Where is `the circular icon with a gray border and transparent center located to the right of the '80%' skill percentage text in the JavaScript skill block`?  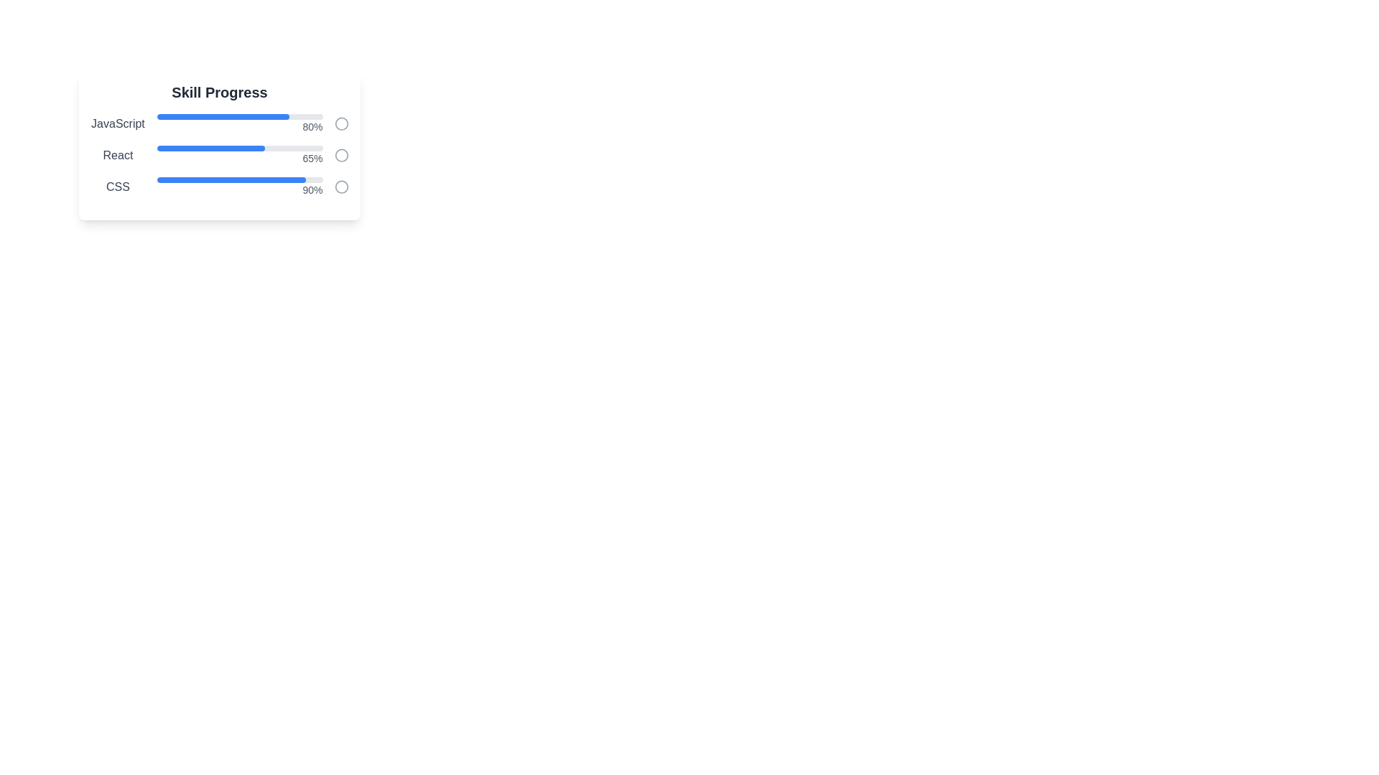 the circular icon with a gray border and transparent center located to the right of the '80%' skill percentage text in the JavaScript skill block is located at coordinates (340, 123).